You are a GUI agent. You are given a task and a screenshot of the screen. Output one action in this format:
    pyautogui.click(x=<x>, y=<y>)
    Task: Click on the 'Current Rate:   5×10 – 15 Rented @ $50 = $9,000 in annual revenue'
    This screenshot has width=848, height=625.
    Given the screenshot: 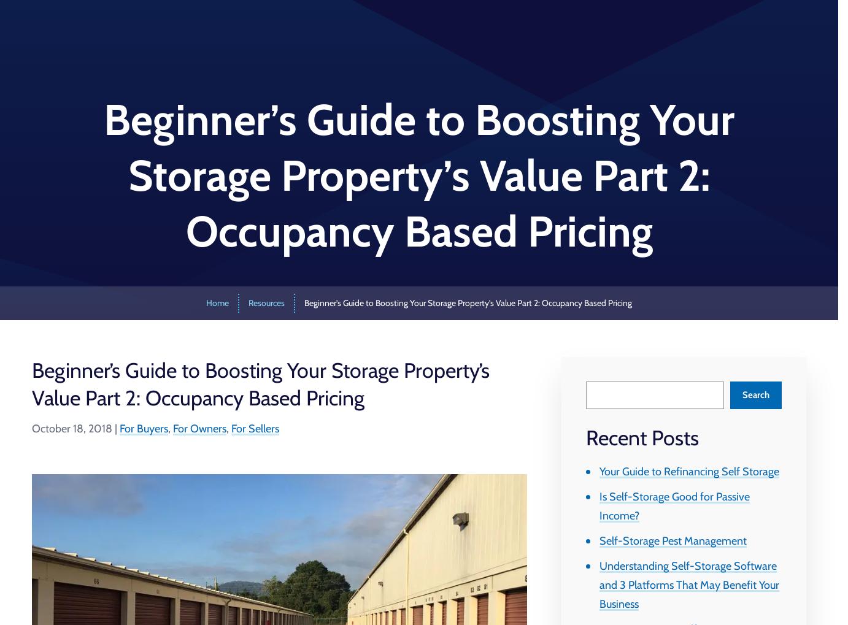 What is the action you would take?
    pyautogui.click(x=207, y=43)
    